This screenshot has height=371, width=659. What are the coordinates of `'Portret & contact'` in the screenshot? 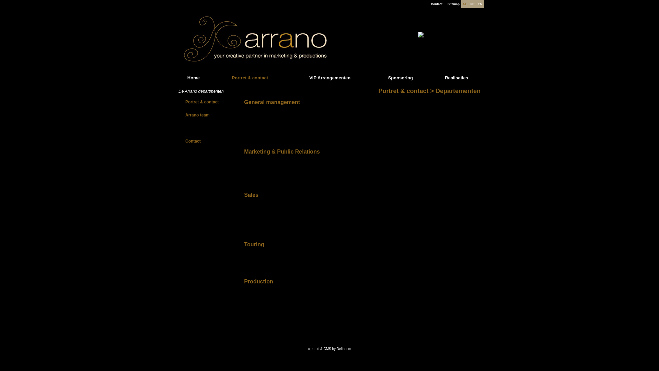 It's located at (250, 77).